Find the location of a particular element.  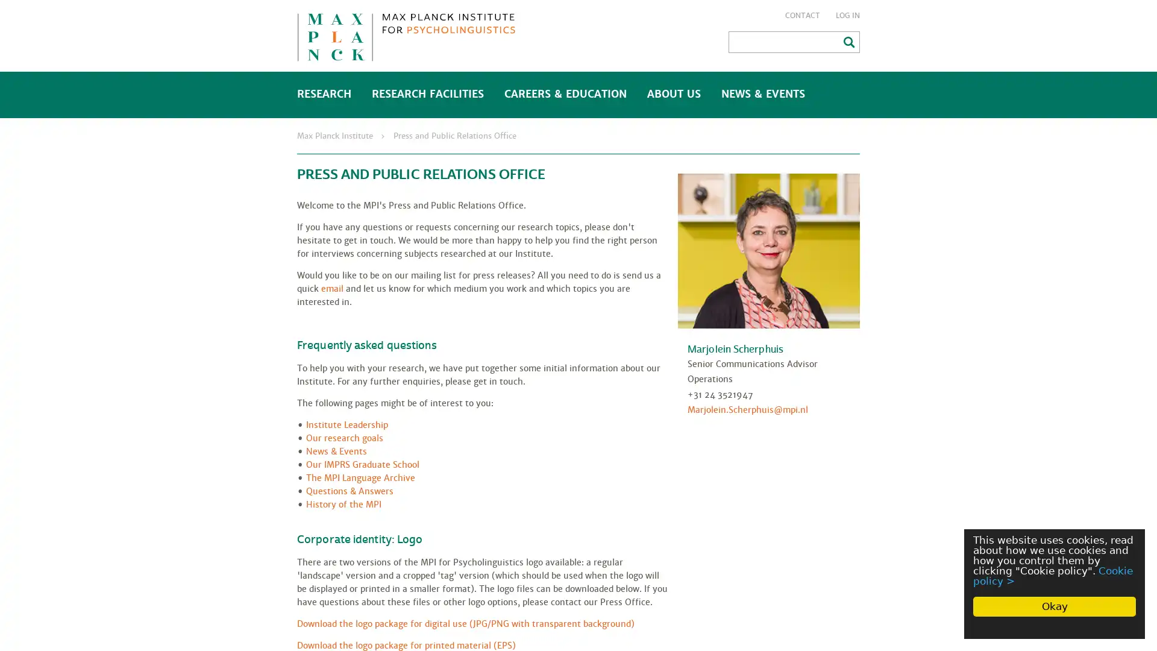

Search is located at coordinates (847, 41).